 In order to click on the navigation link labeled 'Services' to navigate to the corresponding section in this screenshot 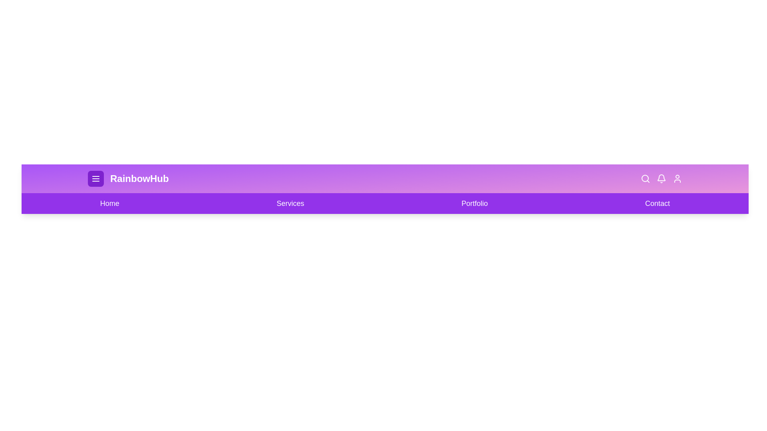, I will do `click(290, 203)`.